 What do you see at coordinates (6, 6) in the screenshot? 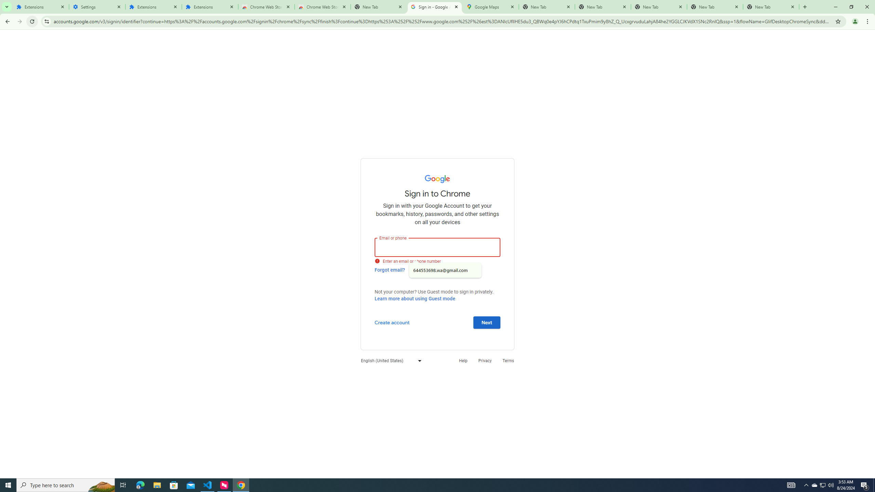
I see `'Search tabs'` at bounding box center [6, 6].